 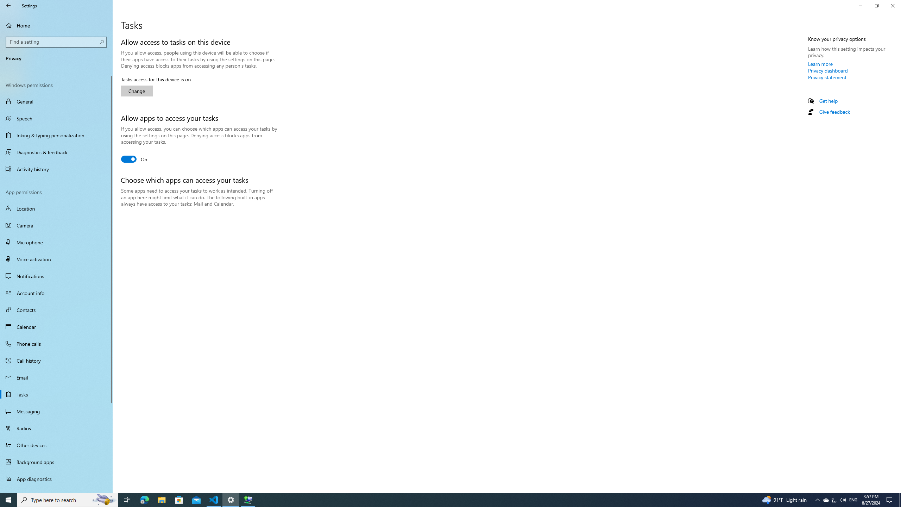 What do you see at coordinates (827, 77) in the screenshot?
I see `'Privacy statement'` at bounding box center [827, 77].